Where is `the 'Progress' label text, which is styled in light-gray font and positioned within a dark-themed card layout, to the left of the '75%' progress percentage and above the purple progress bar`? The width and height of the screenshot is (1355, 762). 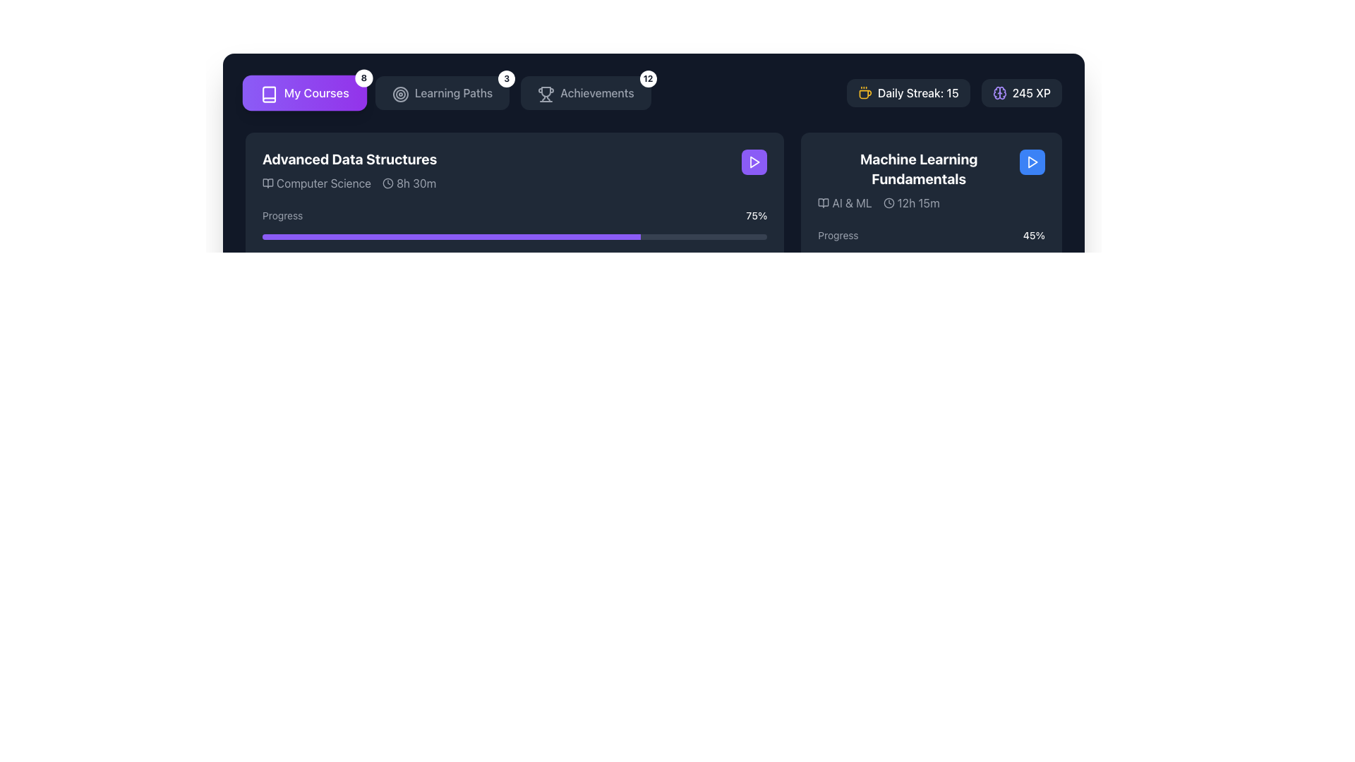
the 'Progress' label text, which is styled in light-gray font and positioned within a dark-themed card layout, to the left of the '75%' progress percentage and above the purple progress bar is located at coordinates (282, 215).